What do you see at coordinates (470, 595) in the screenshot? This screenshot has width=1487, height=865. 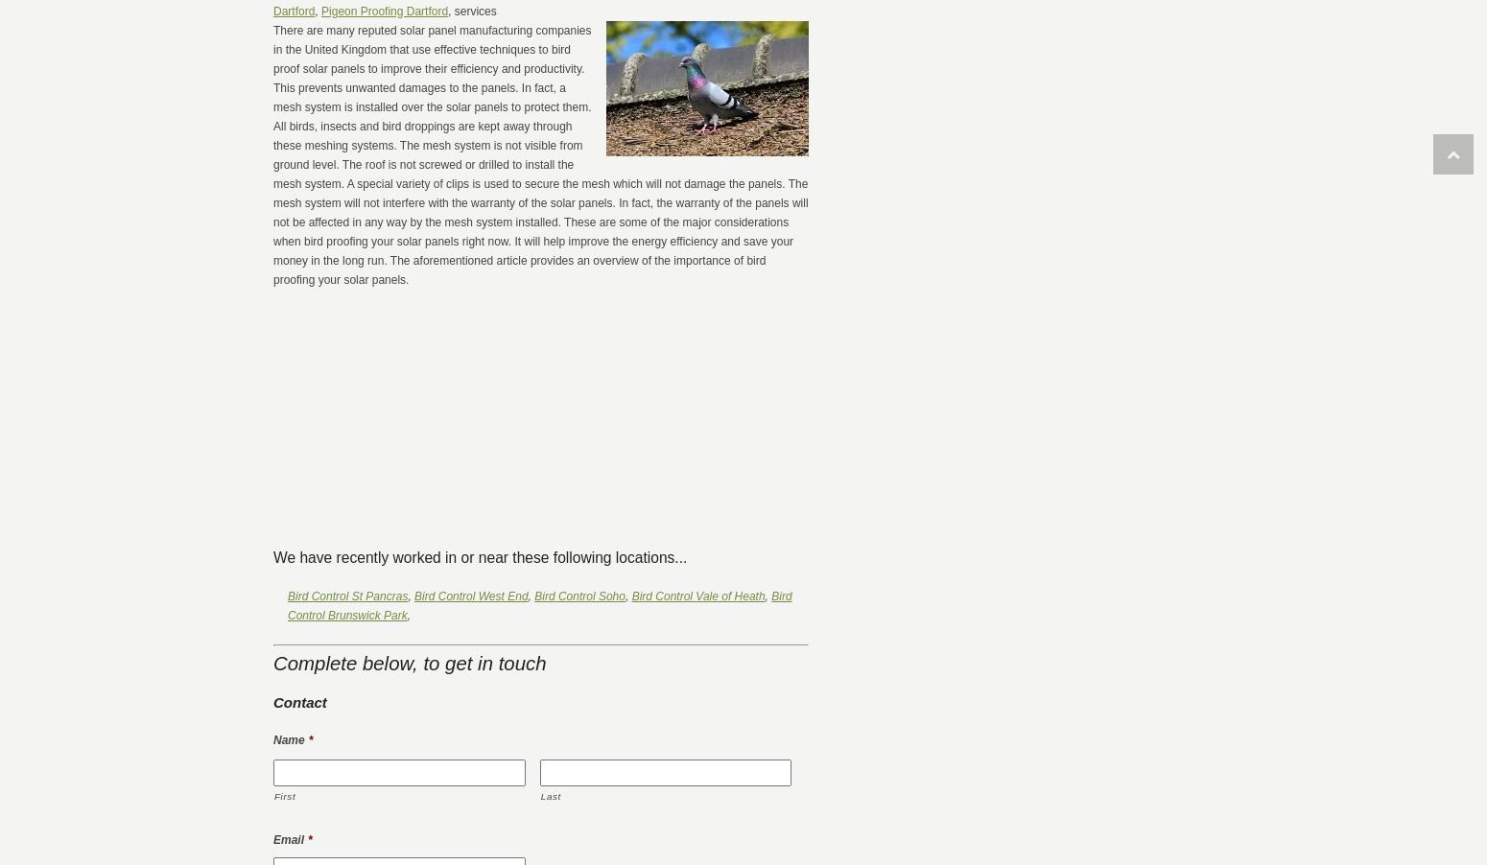 I see `'Bird Control West End'` at bounding box center [470, 595].